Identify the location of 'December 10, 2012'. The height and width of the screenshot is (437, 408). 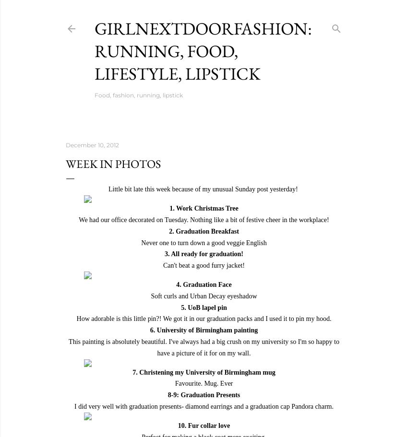
(92, 145).